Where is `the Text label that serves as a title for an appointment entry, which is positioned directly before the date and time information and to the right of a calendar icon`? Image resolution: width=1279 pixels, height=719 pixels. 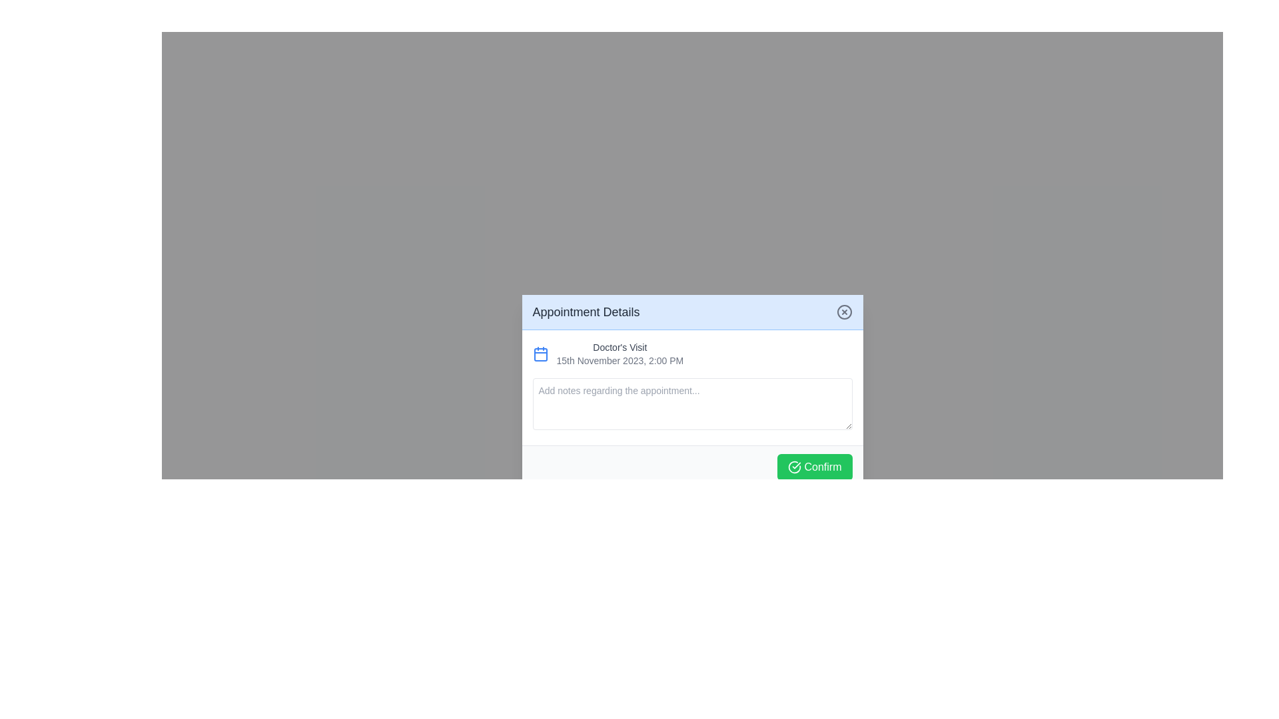 the Text label that serves as a title for an appointment entry, which is positioned directly before the date and time information and to the right of a calendar icon is located at coordinates (619, 346).